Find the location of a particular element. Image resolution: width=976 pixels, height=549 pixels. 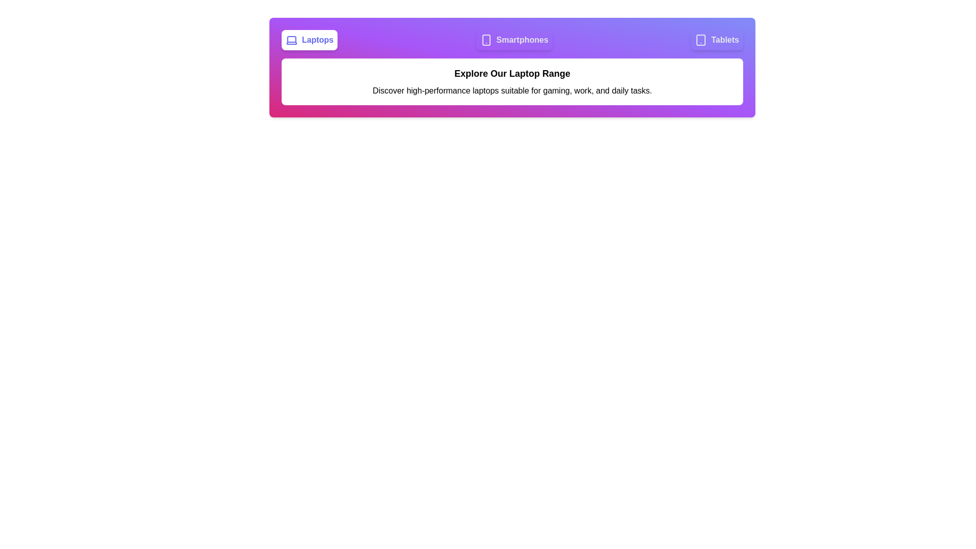

the tab corresponding to Smartphones is located at coordinates (514, 39).